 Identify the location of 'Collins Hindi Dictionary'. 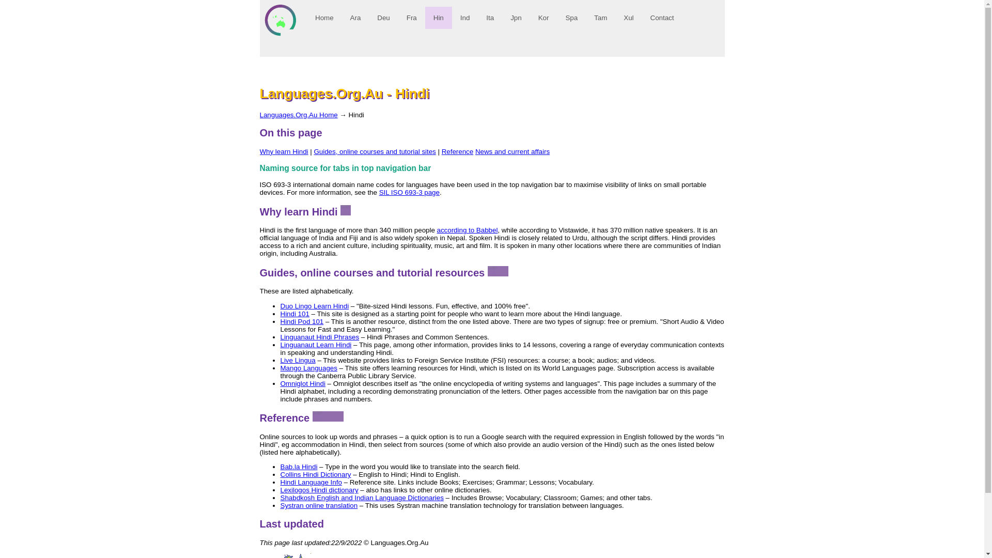
(315, 474).